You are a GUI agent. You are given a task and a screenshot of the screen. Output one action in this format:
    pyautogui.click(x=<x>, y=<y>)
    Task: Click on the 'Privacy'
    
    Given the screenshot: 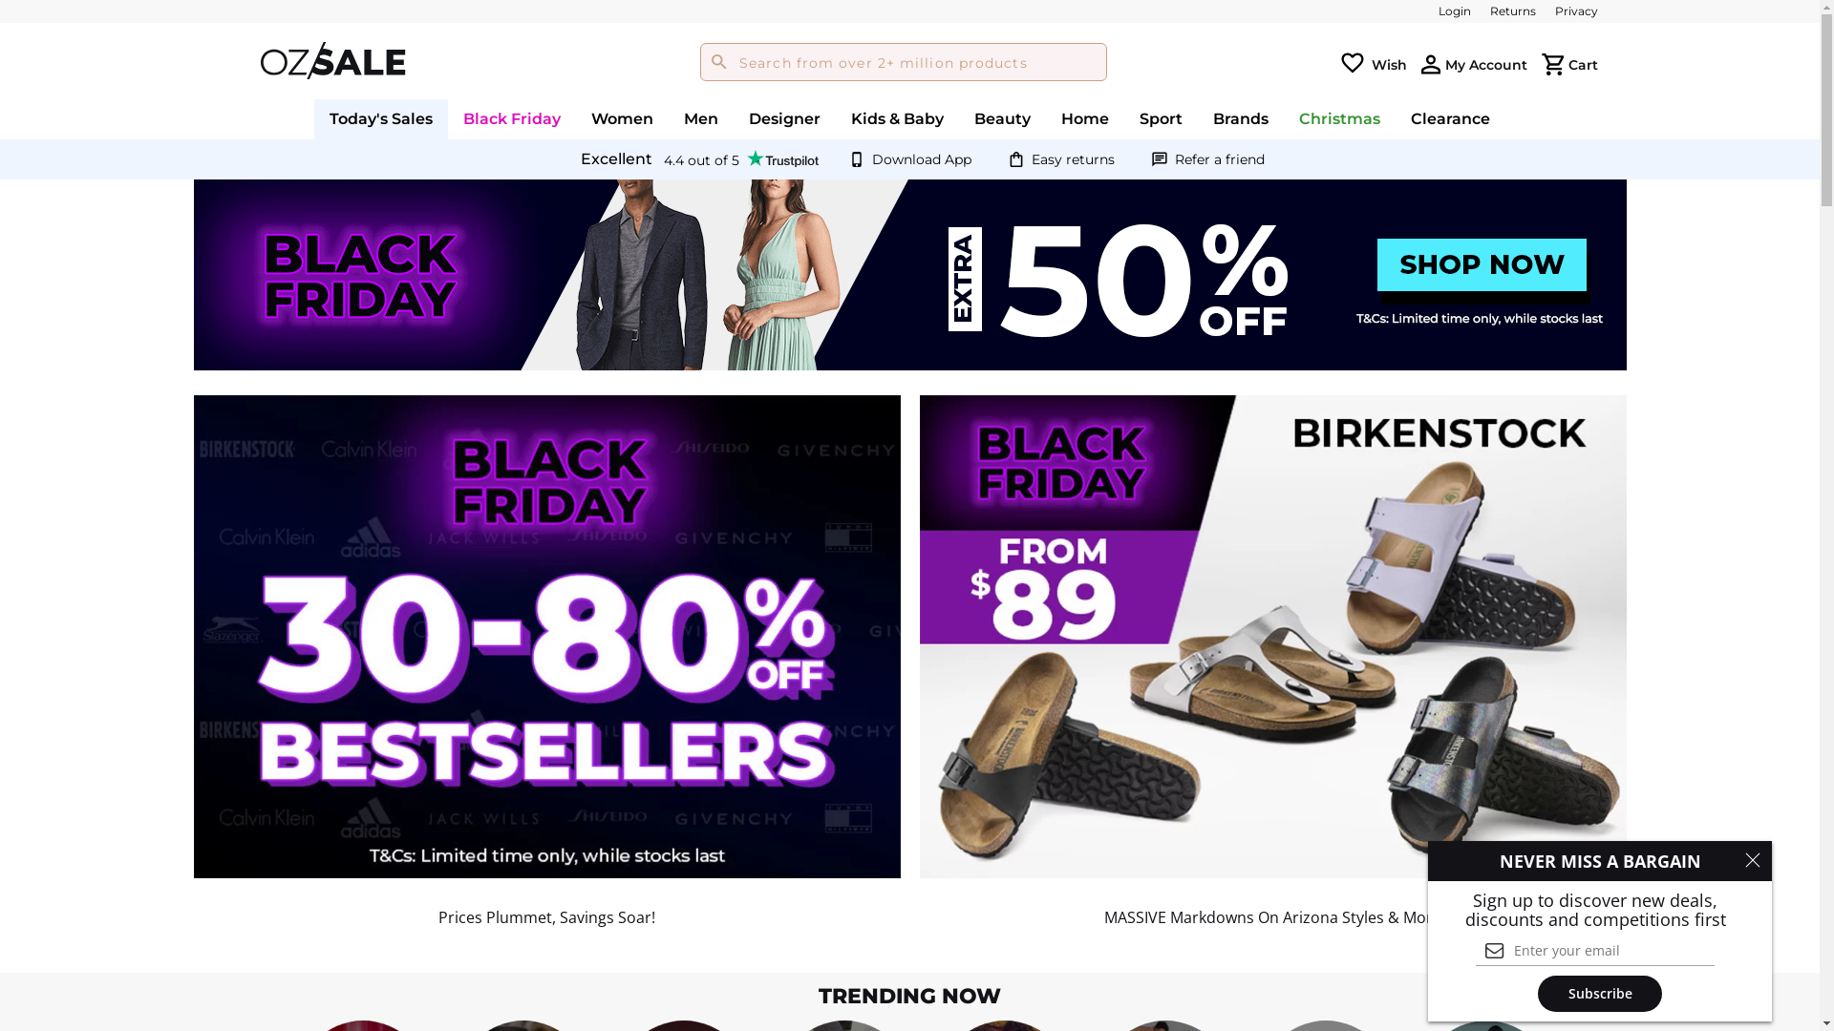 What is the action you would take?
    pyautogui.click(x=1576, y=11)
    